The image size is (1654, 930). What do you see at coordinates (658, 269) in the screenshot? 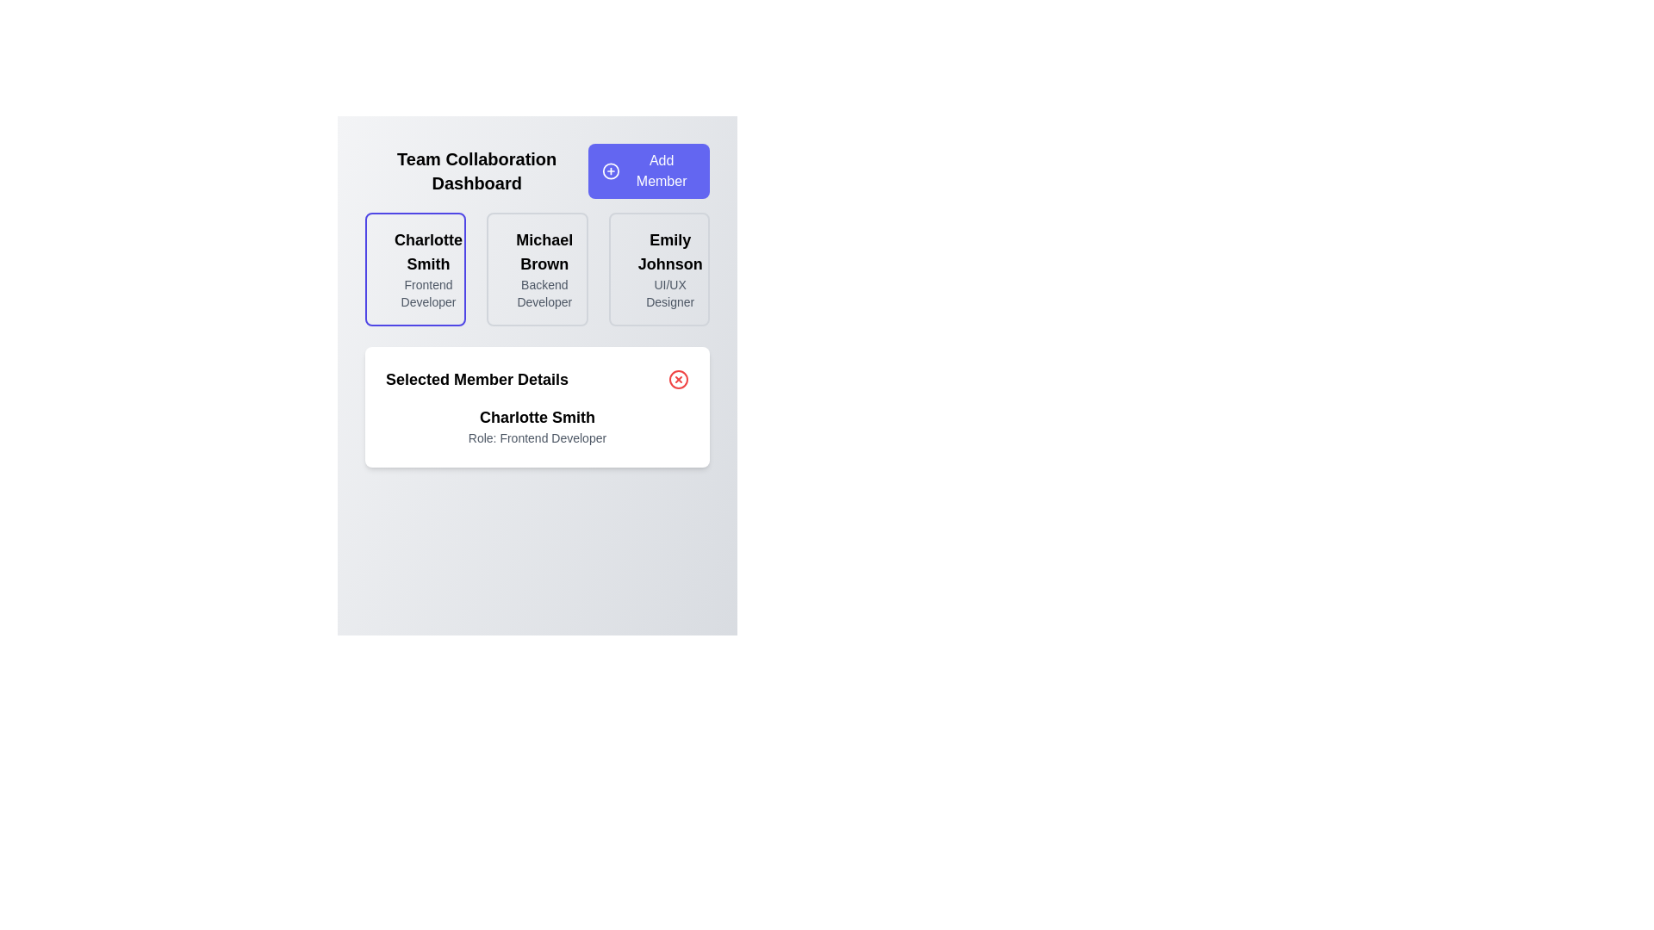
I see `the text block representing the team member's name and role in the rightmost column of the team management dashboard` at bounding box center [658, 269].